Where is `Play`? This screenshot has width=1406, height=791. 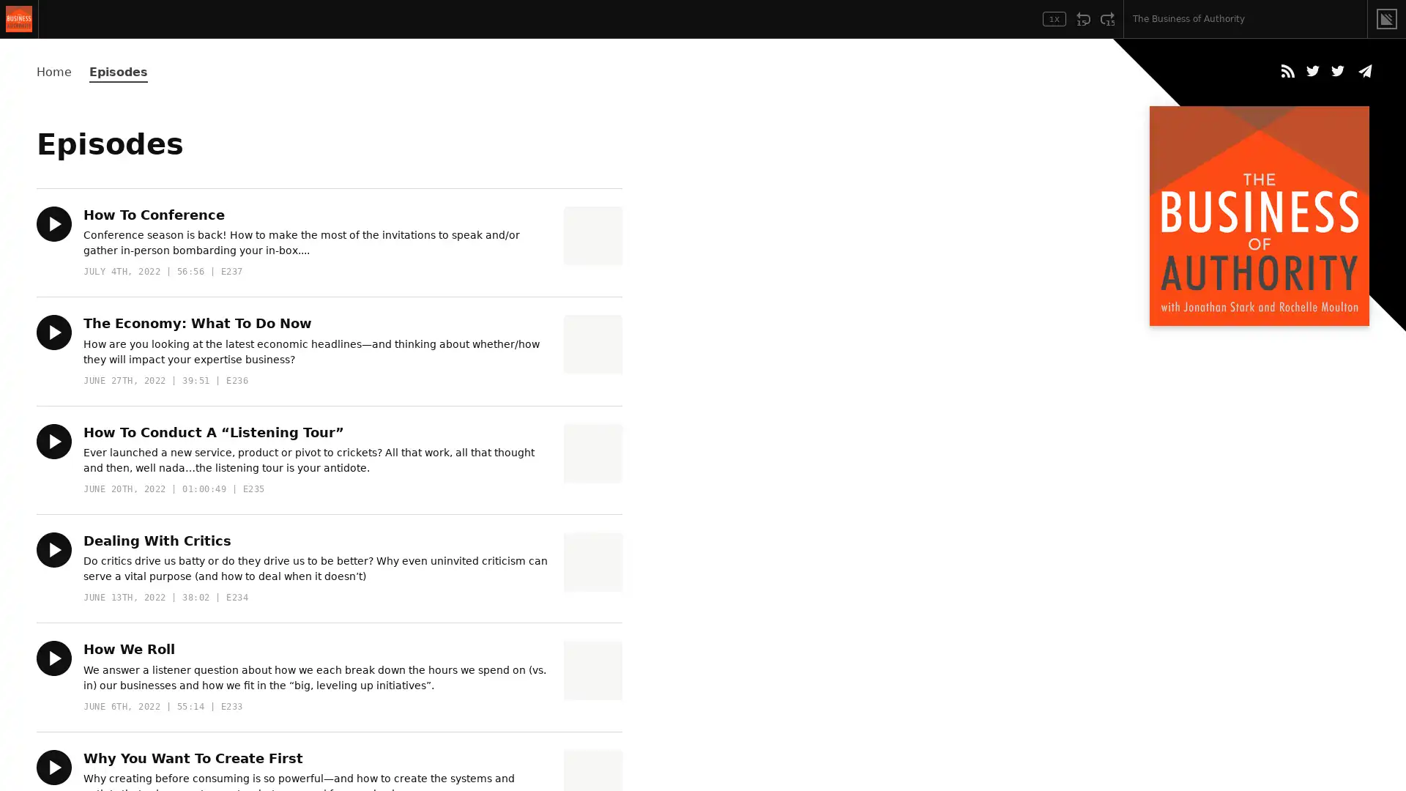
Play is located at coordinates (53, 223).